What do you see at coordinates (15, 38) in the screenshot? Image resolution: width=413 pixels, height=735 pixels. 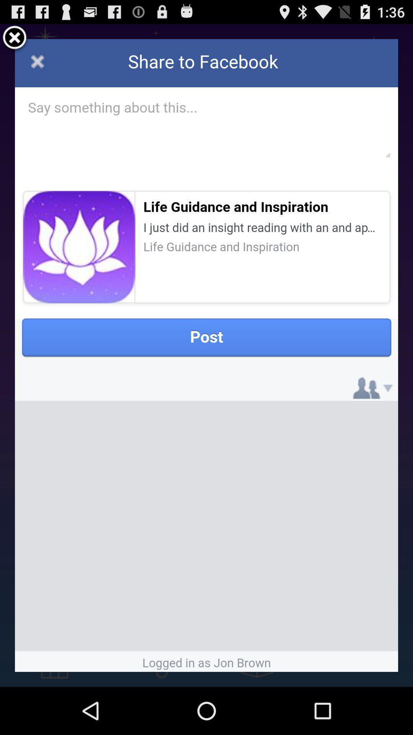 I see `close` at bounding box center [15, 38].